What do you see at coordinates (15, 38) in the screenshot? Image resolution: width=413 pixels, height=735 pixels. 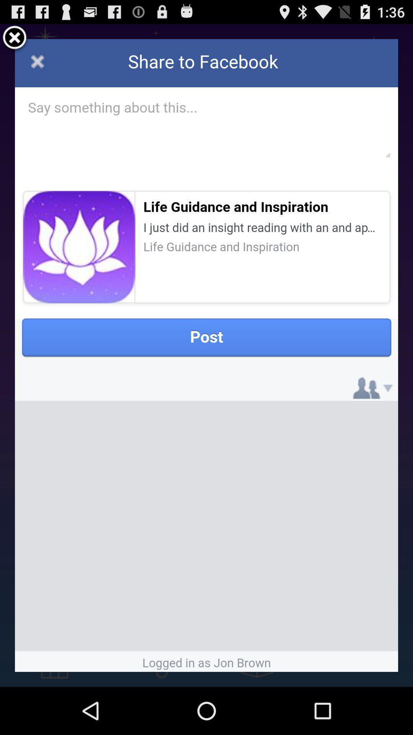 I see `close` at bounding box center [15, 38].